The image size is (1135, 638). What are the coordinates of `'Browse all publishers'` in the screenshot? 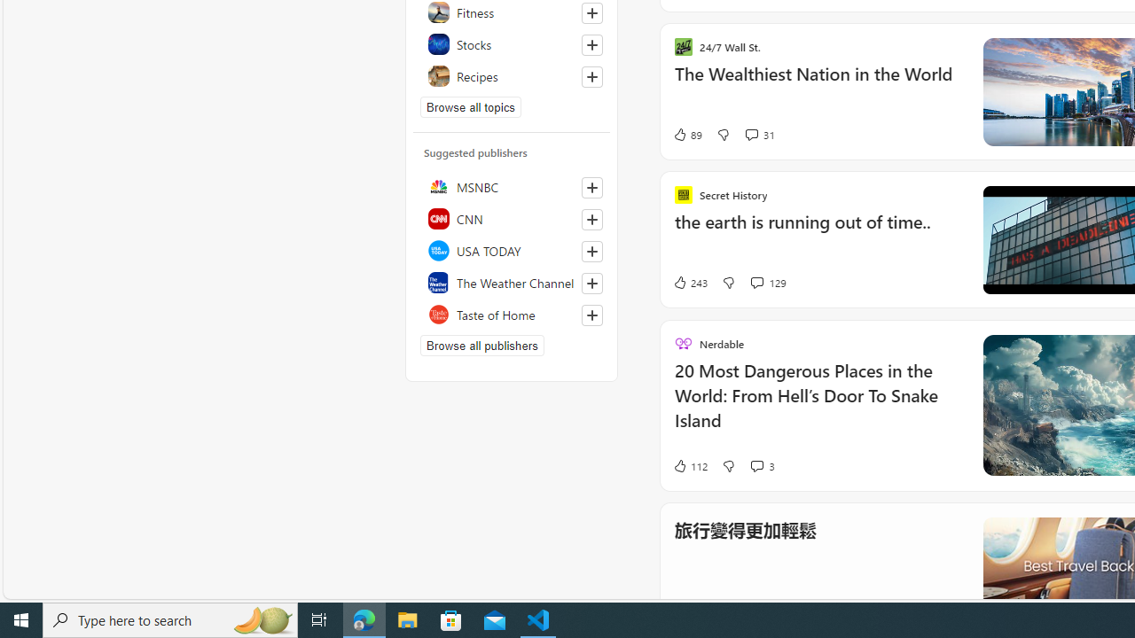 It's located at (482, 345).